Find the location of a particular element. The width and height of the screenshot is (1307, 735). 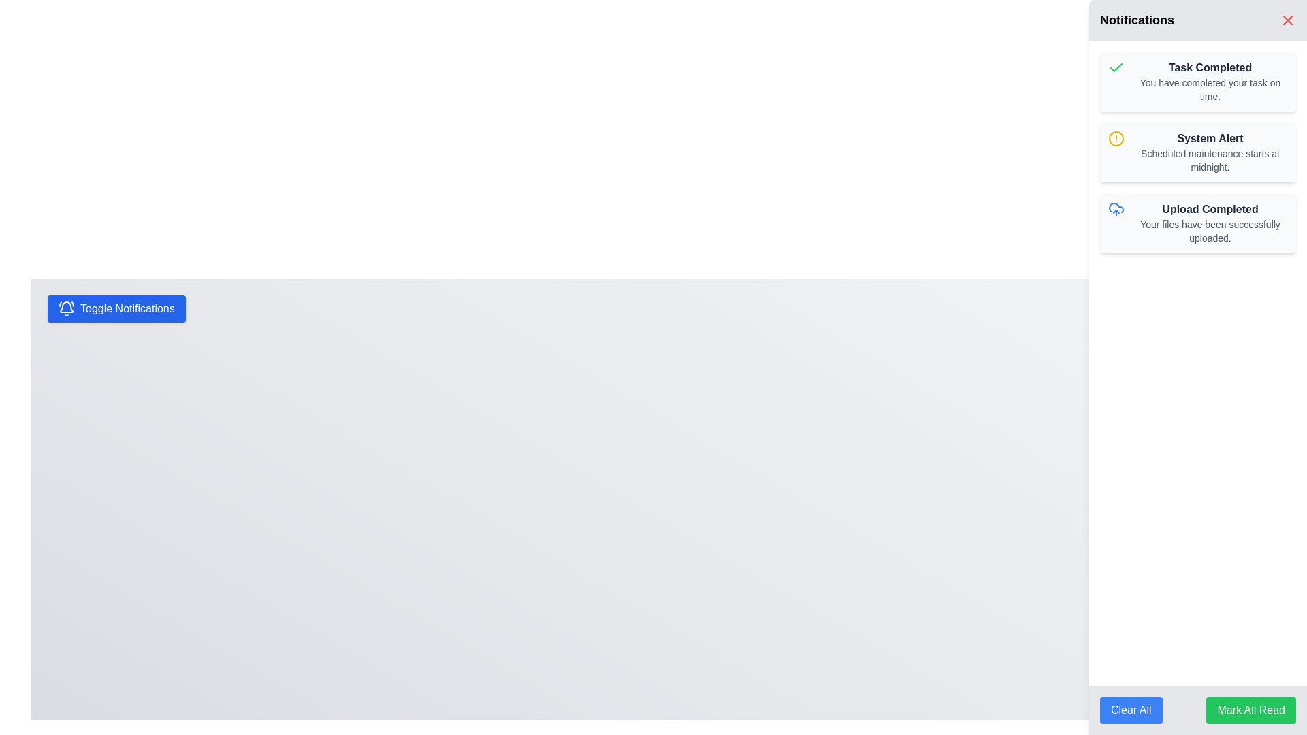

the notification card with the title 'Task Completed' and a green checkmark icon, which is the first card in the right-hand sidebar of the Notifications panel is located at coordinates (1198, 81).